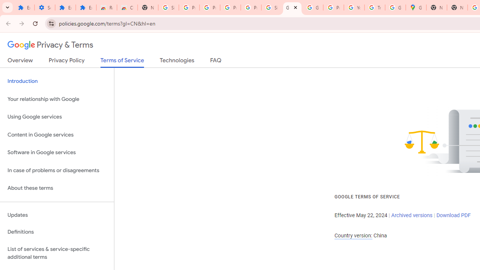 The height and width of the screenshot is (270, 480). What do you see at coordinates (411, 215) in the screenshot?
I see `'Archived versions'` at bounding box center [411, 215].